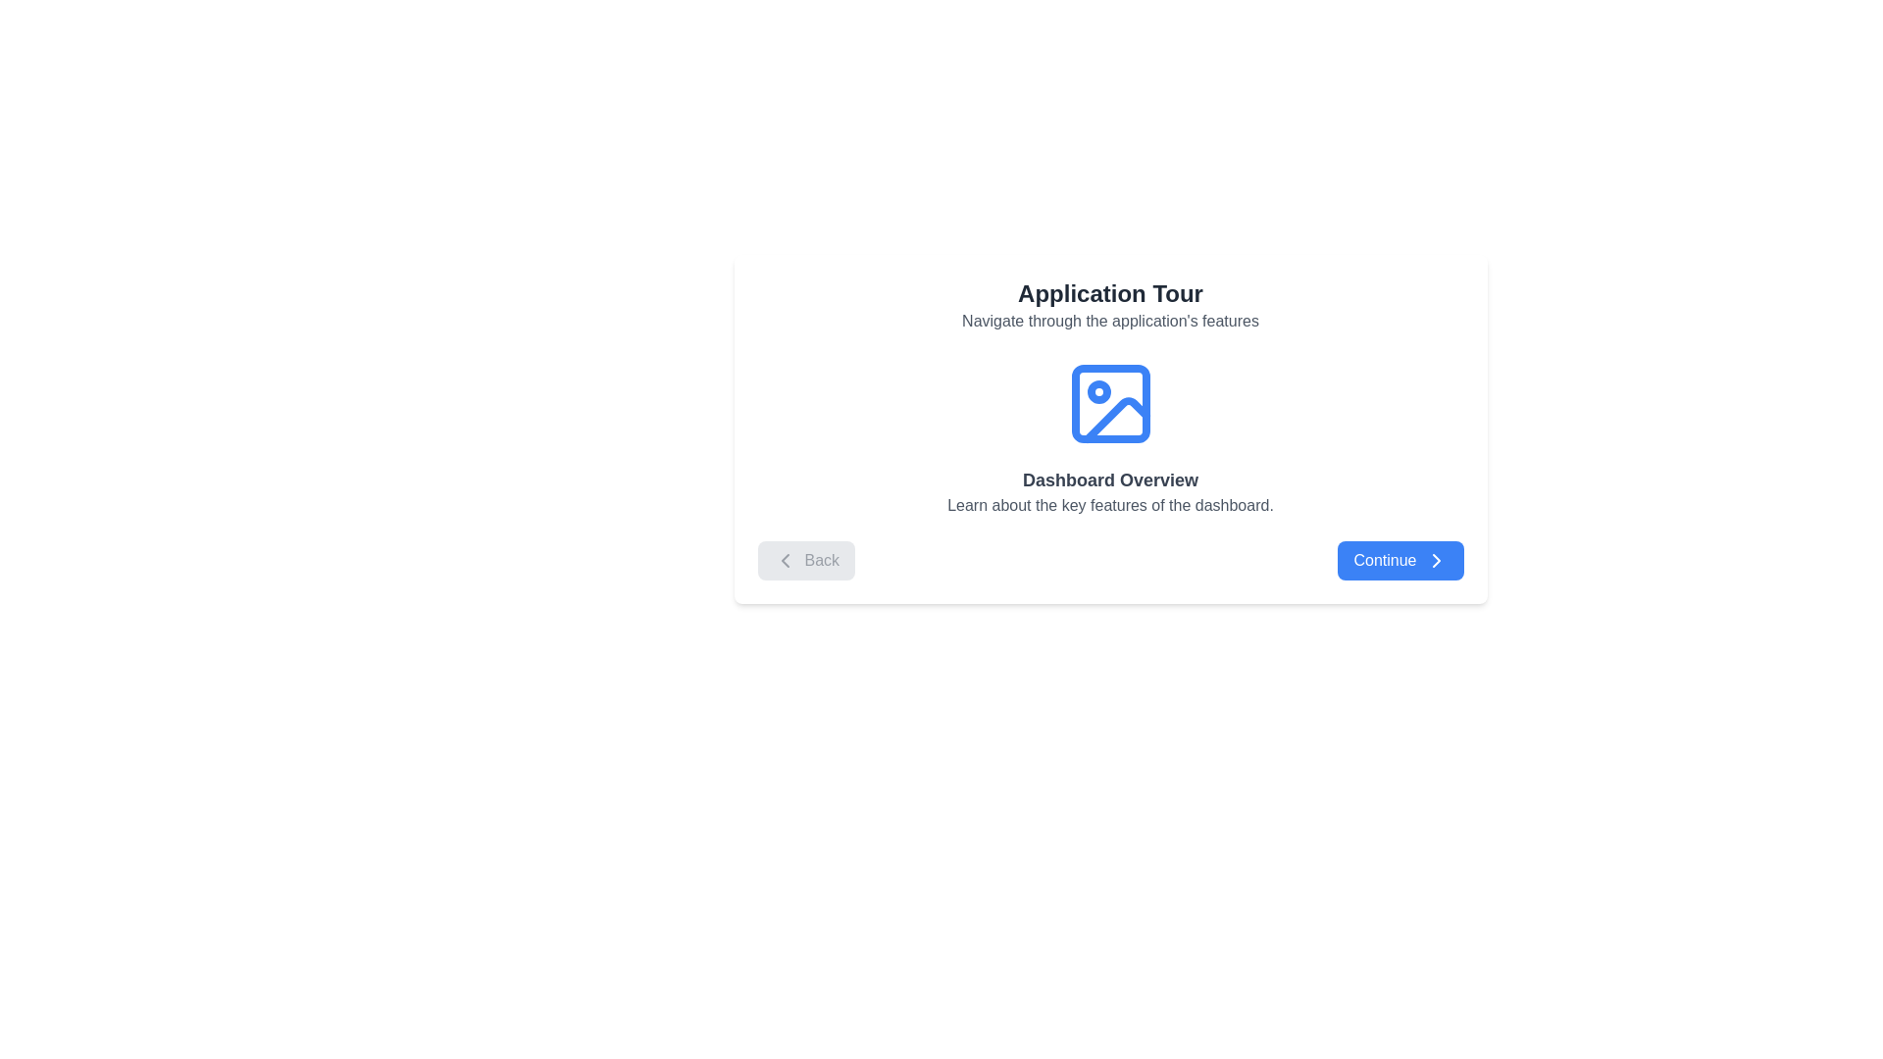  I want to click on the dashboard icon located at the center of the 'Dashboard Overview' section, positioned between the section title and explanatory text, so click(1110, 403).